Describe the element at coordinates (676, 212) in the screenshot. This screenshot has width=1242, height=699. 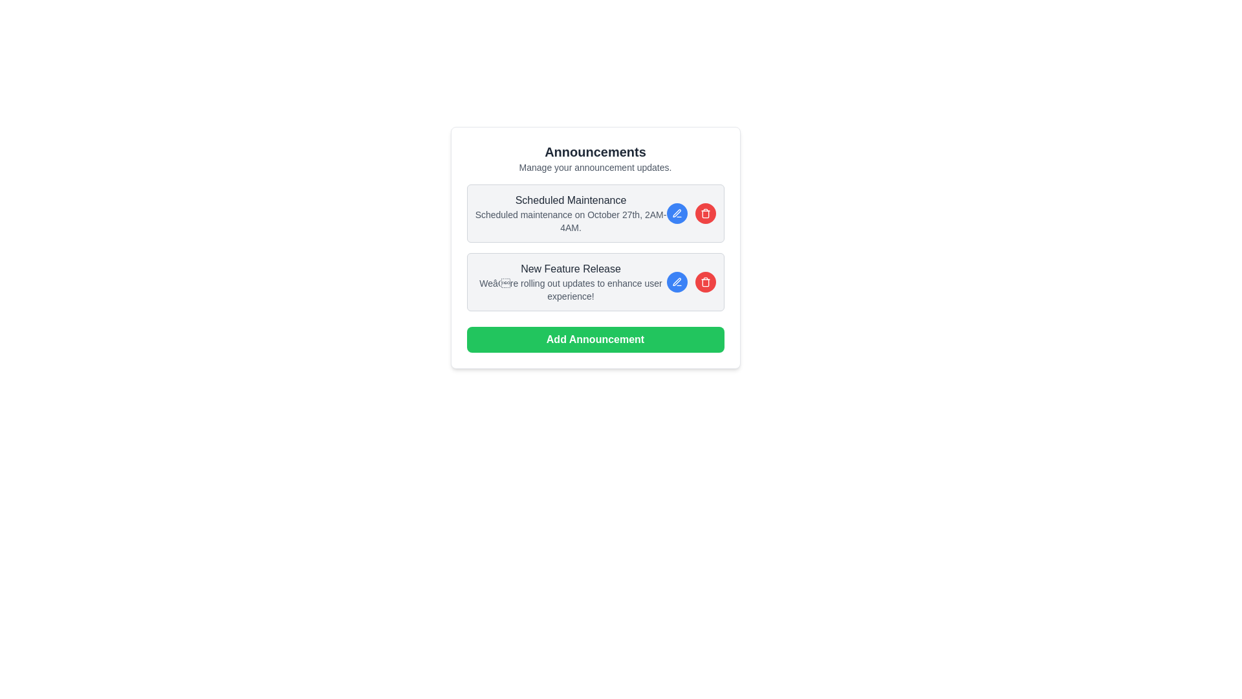
I see `the pen-shaped edit icon in a blue circle background, located next to the 'Scheduled Maintenance' text, to initiate editing` at that location.